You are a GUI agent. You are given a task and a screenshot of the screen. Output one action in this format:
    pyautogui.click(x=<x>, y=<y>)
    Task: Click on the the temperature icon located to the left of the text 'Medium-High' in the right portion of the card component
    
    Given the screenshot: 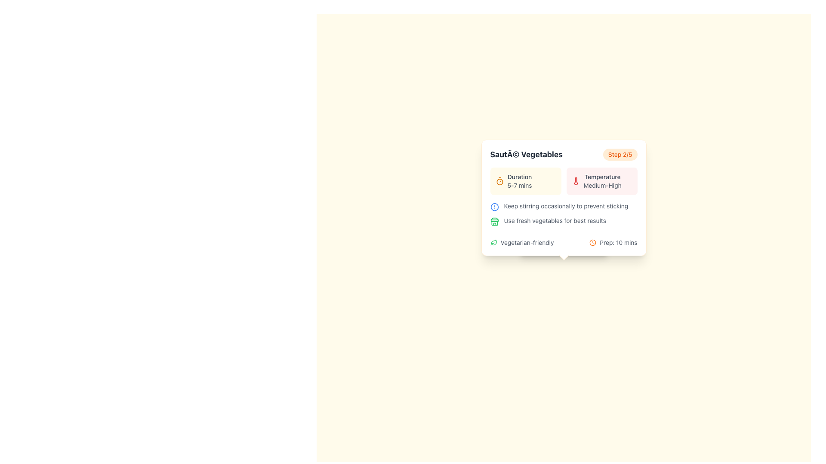 What is the action you would take?
    pyautogui.click(x=576, y=180)
    